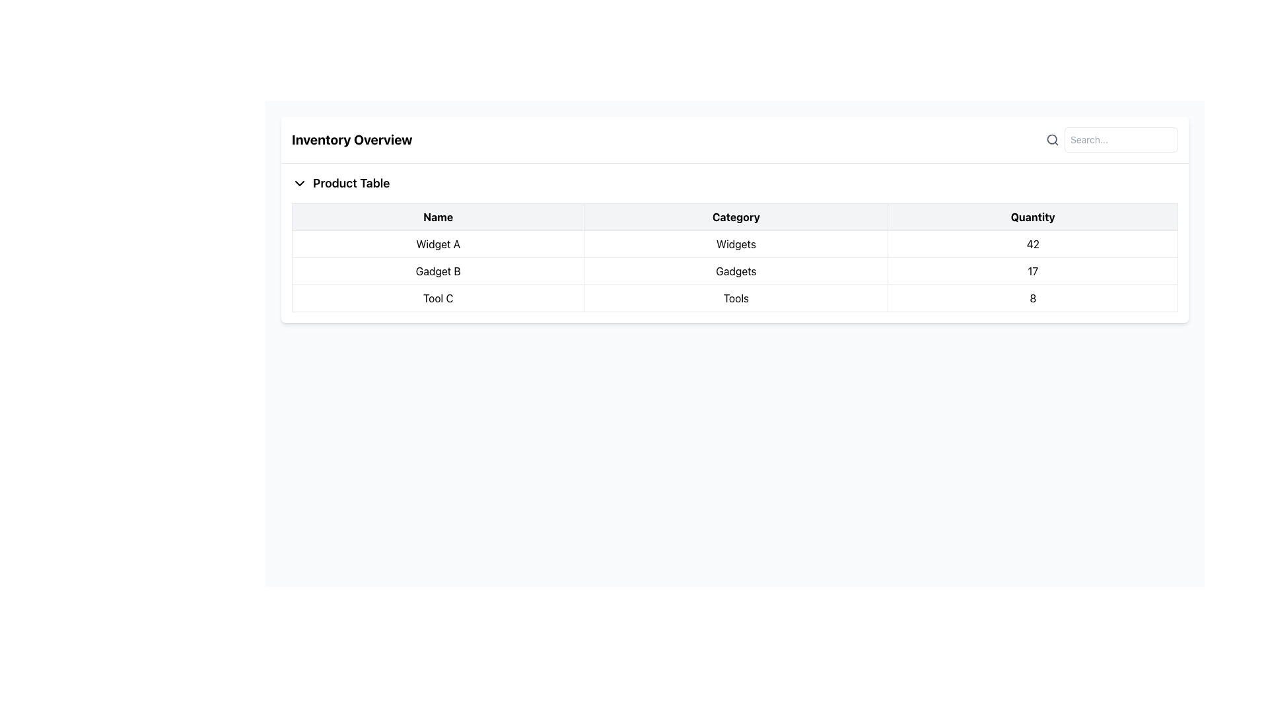 The width and height of the screenshot is (1268, 713). What do you see at coordinates (735, 216) in the screenshot?
I see `the 'Category' table header located in the second column of the table, between the 'Name' and 'Quantity' headers` at bounding box center [735, 216].